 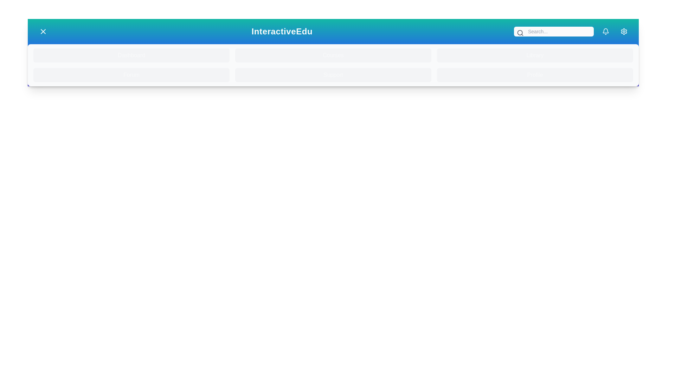 What do you see at coordinates (43, 31) in the screenshot?
I see `the button on the left to toggle the menu` at bounding box center [43, 31].